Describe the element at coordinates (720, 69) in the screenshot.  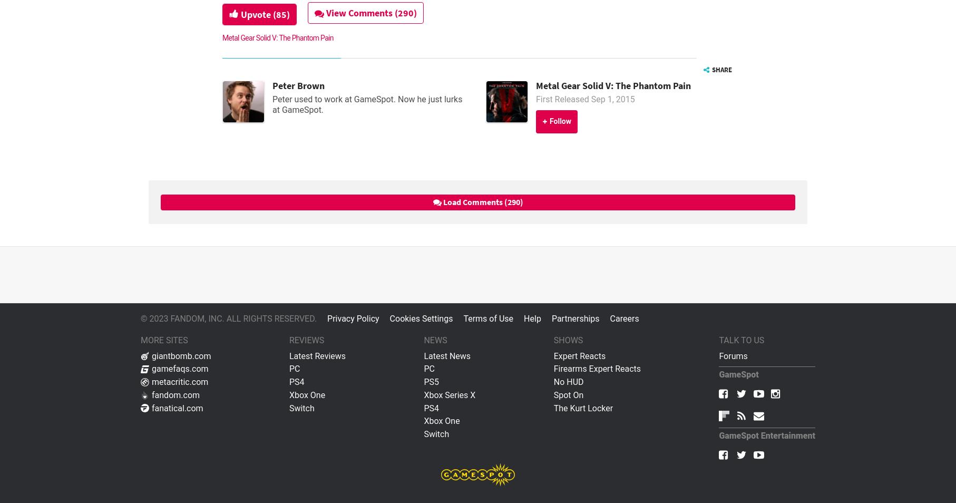
I see `'Share'` at that location.